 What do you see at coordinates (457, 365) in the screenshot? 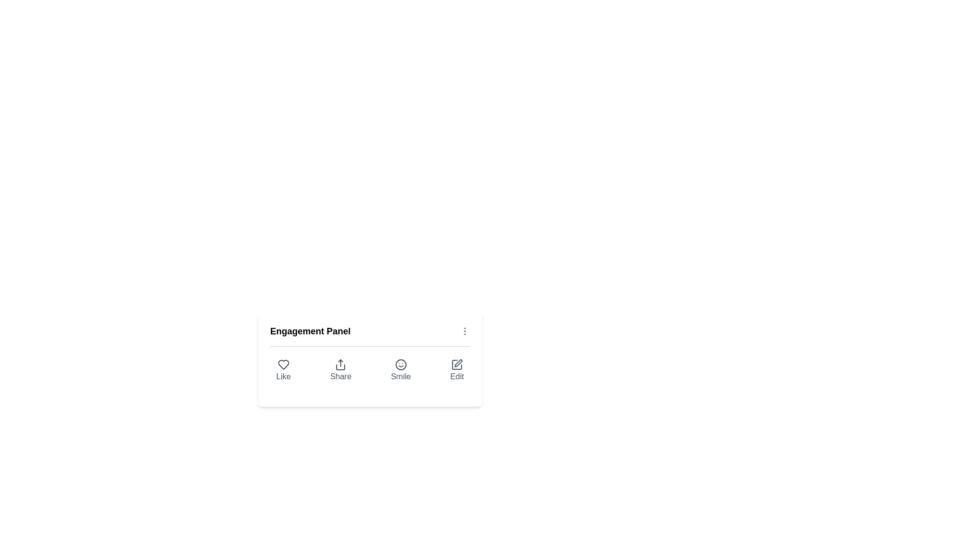
I see `the square-shaped outline with rounded corners that serves as a frame in the 'square pen' icon located in the bottom right corner of the 'Engagement Panel'` at bounding box center [457, 365].